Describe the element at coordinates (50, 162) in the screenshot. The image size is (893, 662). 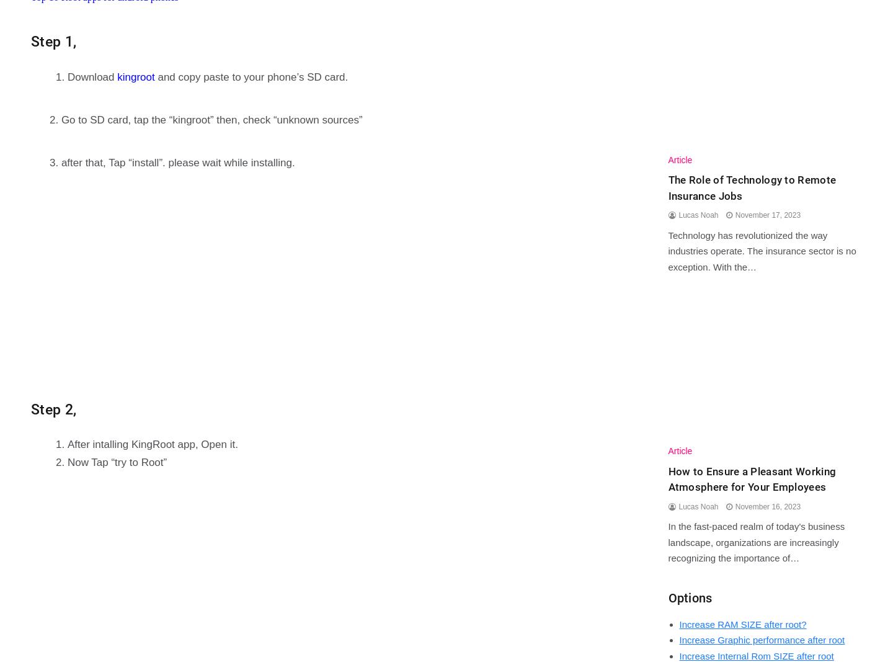
I see `'3. after that, Tap “install”. please wait while installing.'` at that location.